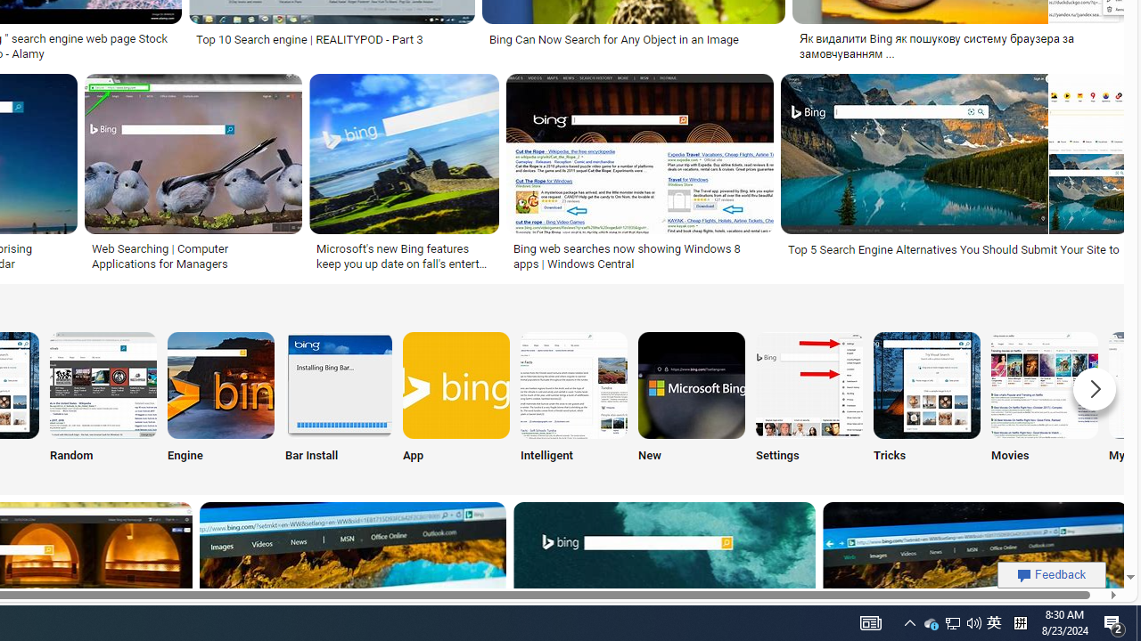 Image resolution: width=1141 pixels, height=641 pixels. I want to click on 'Engine', so click(220, 401).